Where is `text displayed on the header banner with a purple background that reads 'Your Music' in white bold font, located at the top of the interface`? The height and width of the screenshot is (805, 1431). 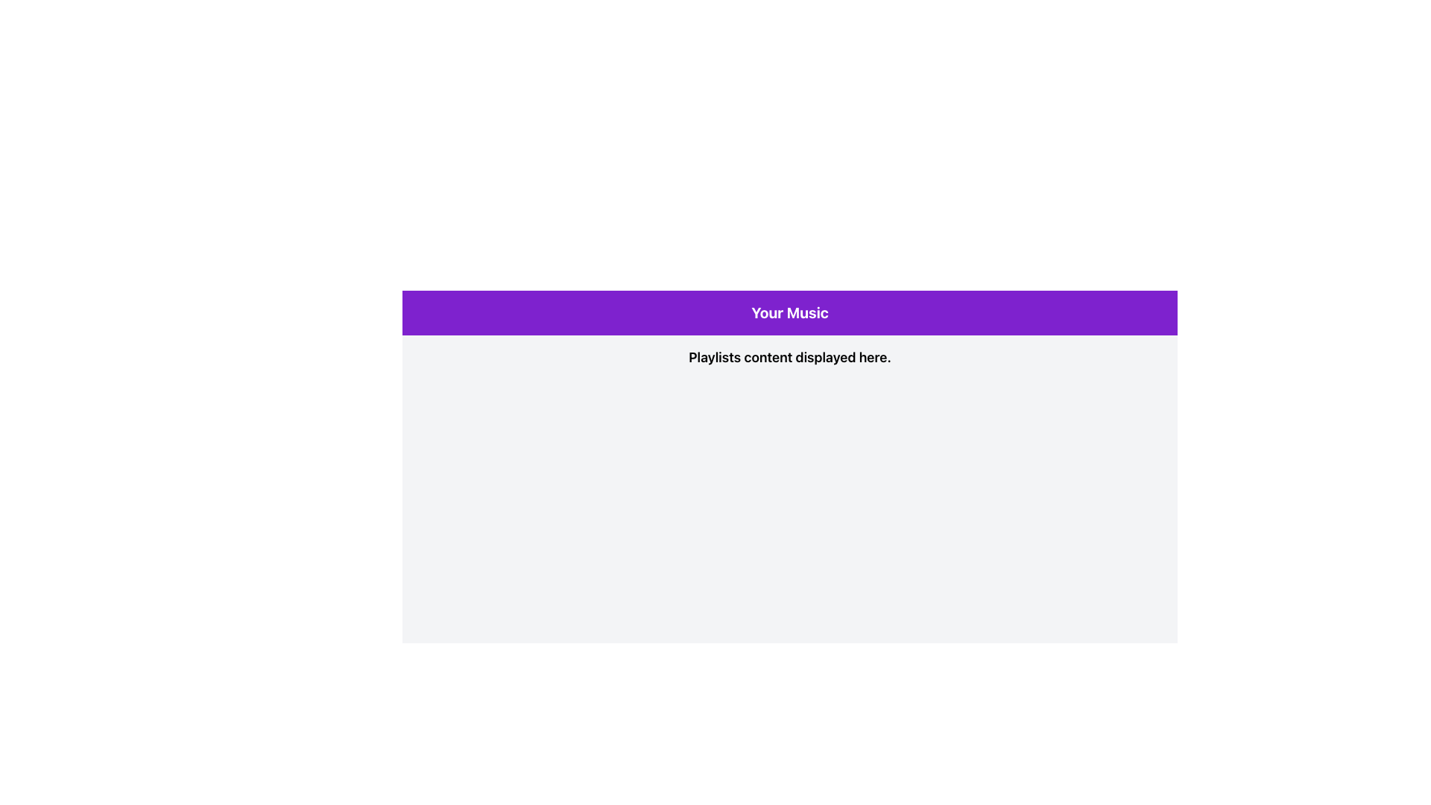
text displayed on the header banner with a purple background that reads 'Your Music' in white bold font, located at the top of the interface is located at coordinates (789, 312).